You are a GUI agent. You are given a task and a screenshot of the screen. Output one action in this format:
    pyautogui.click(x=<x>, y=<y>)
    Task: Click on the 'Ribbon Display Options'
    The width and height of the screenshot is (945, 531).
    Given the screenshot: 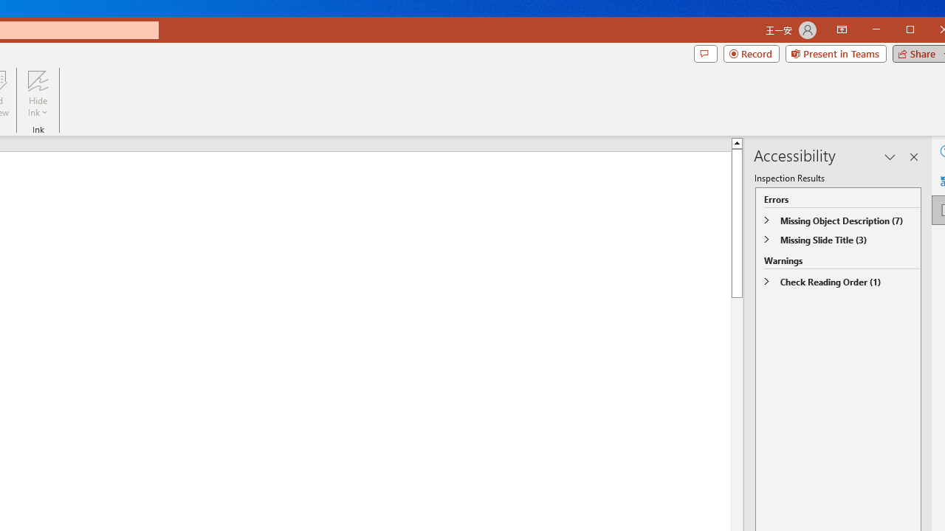 What is the action you would take?
    pyautogui.click(x=842, y=30)
    